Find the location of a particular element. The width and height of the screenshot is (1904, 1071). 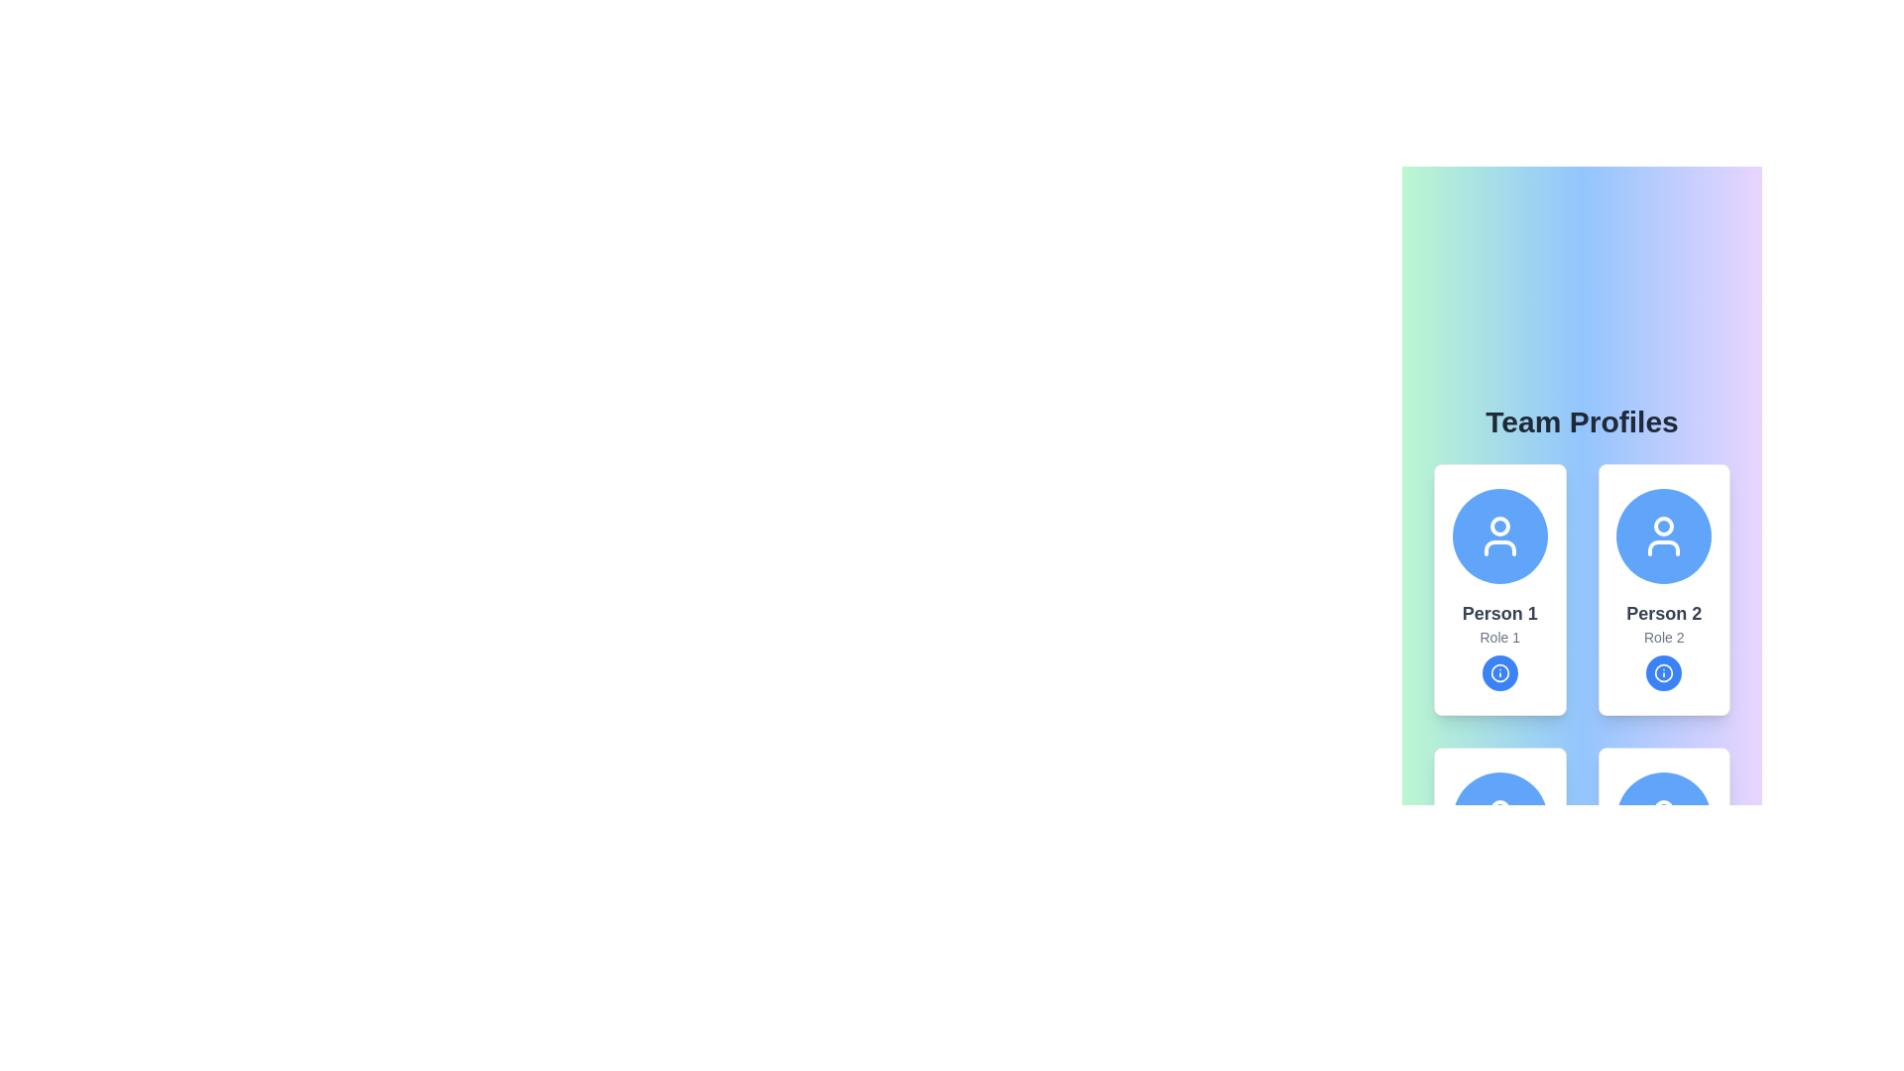

the small circular component within the avatar icon of 'Person 1', located at the center of the upper section of the profile card is located at coordinates (1499, 526).